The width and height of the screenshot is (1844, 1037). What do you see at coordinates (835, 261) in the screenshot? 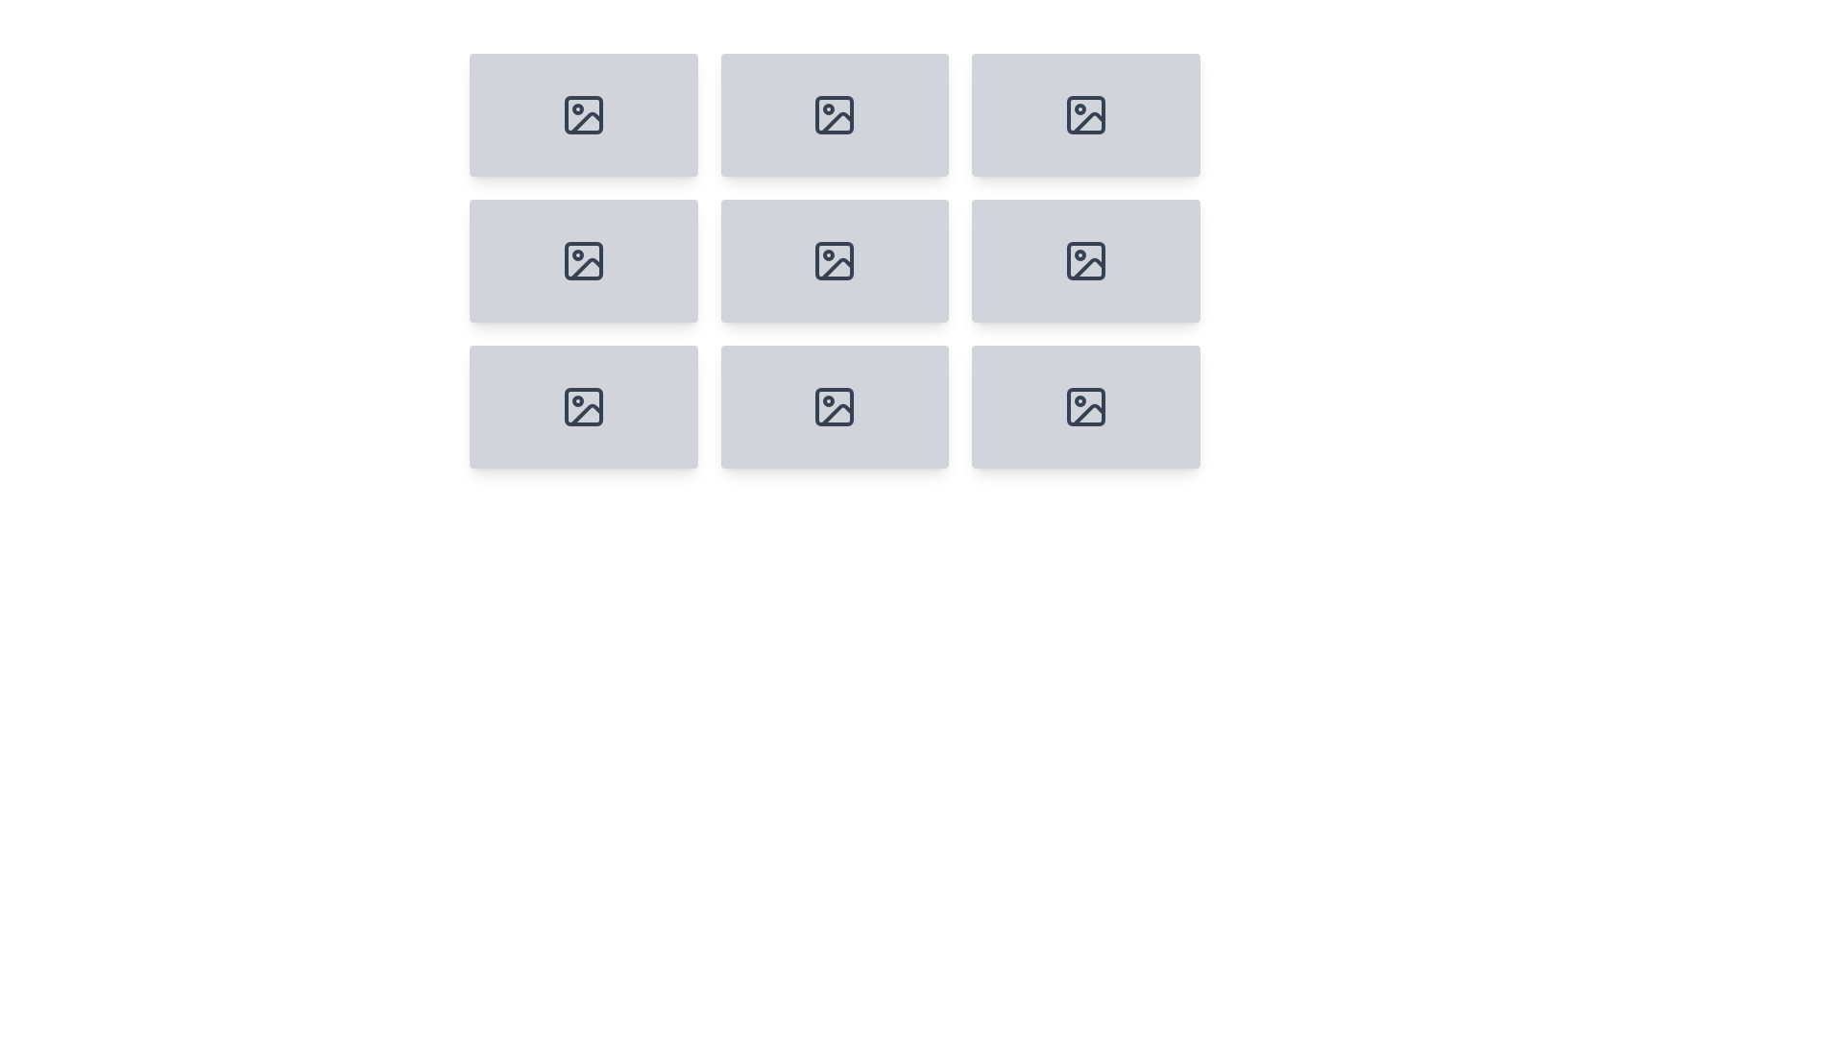
I see `text on the card with a light gray background, dark gray icon, and descriptive text below it, located in the middle column of the second row of a three-column grid` at bounding box center [835, 261].